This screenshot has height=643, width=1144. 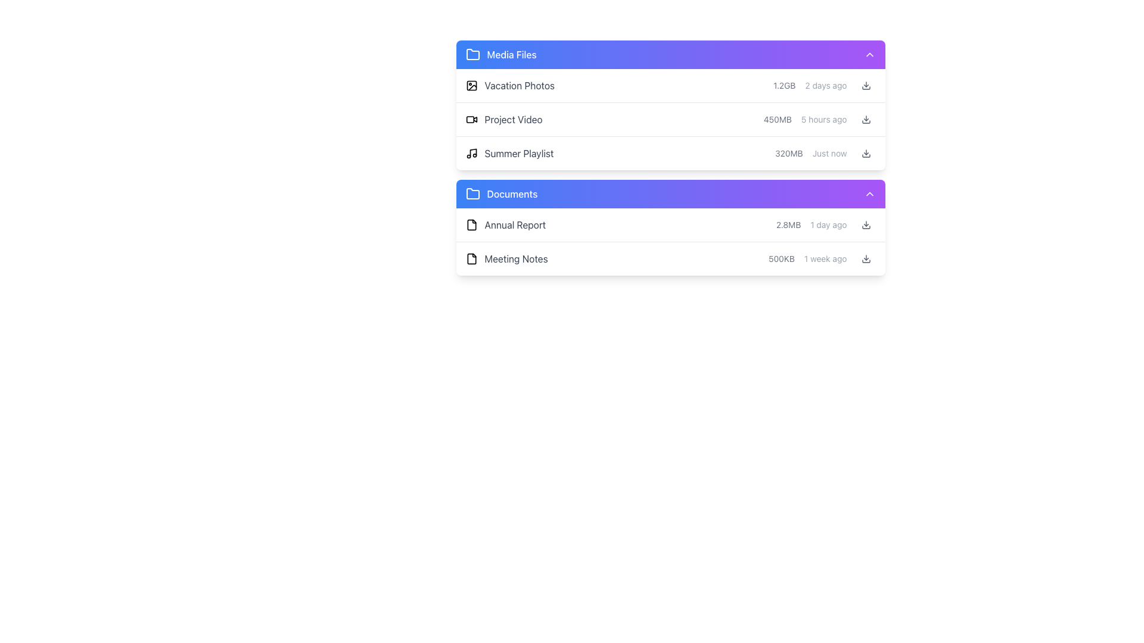 What do you see at coordinates (866, 225) in the screenshot?
I see `the circular download button with a light background and an arrow icon in the center, located on the far right within the row for the 'Annual Report' in the 'Documents' section, to initiate the file download` at bounding box center [866, 225].